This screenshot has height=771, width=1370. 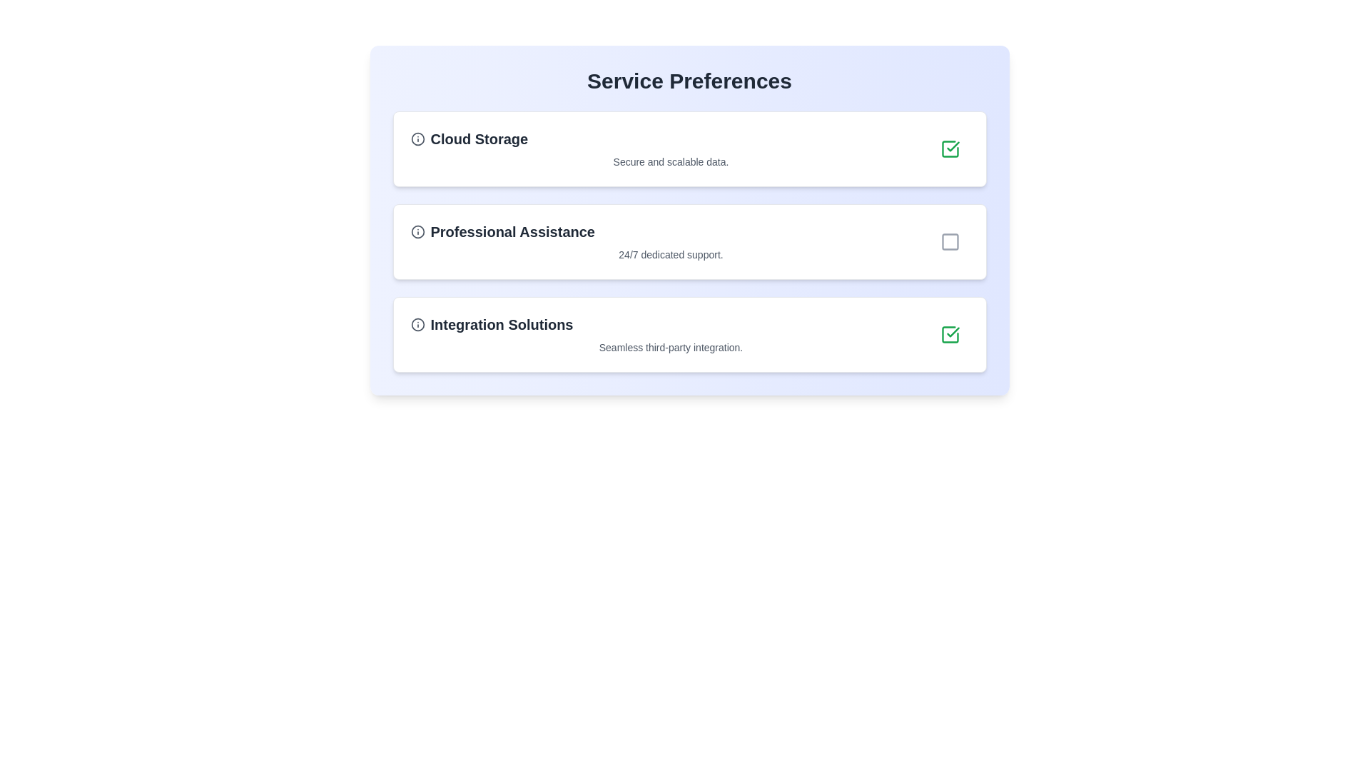 I want to click on the state indication provided by the green checkmark icon located on the right side of the 'Cloud Storage' list item within the preferences selection interface, so click(x=953, y=332).